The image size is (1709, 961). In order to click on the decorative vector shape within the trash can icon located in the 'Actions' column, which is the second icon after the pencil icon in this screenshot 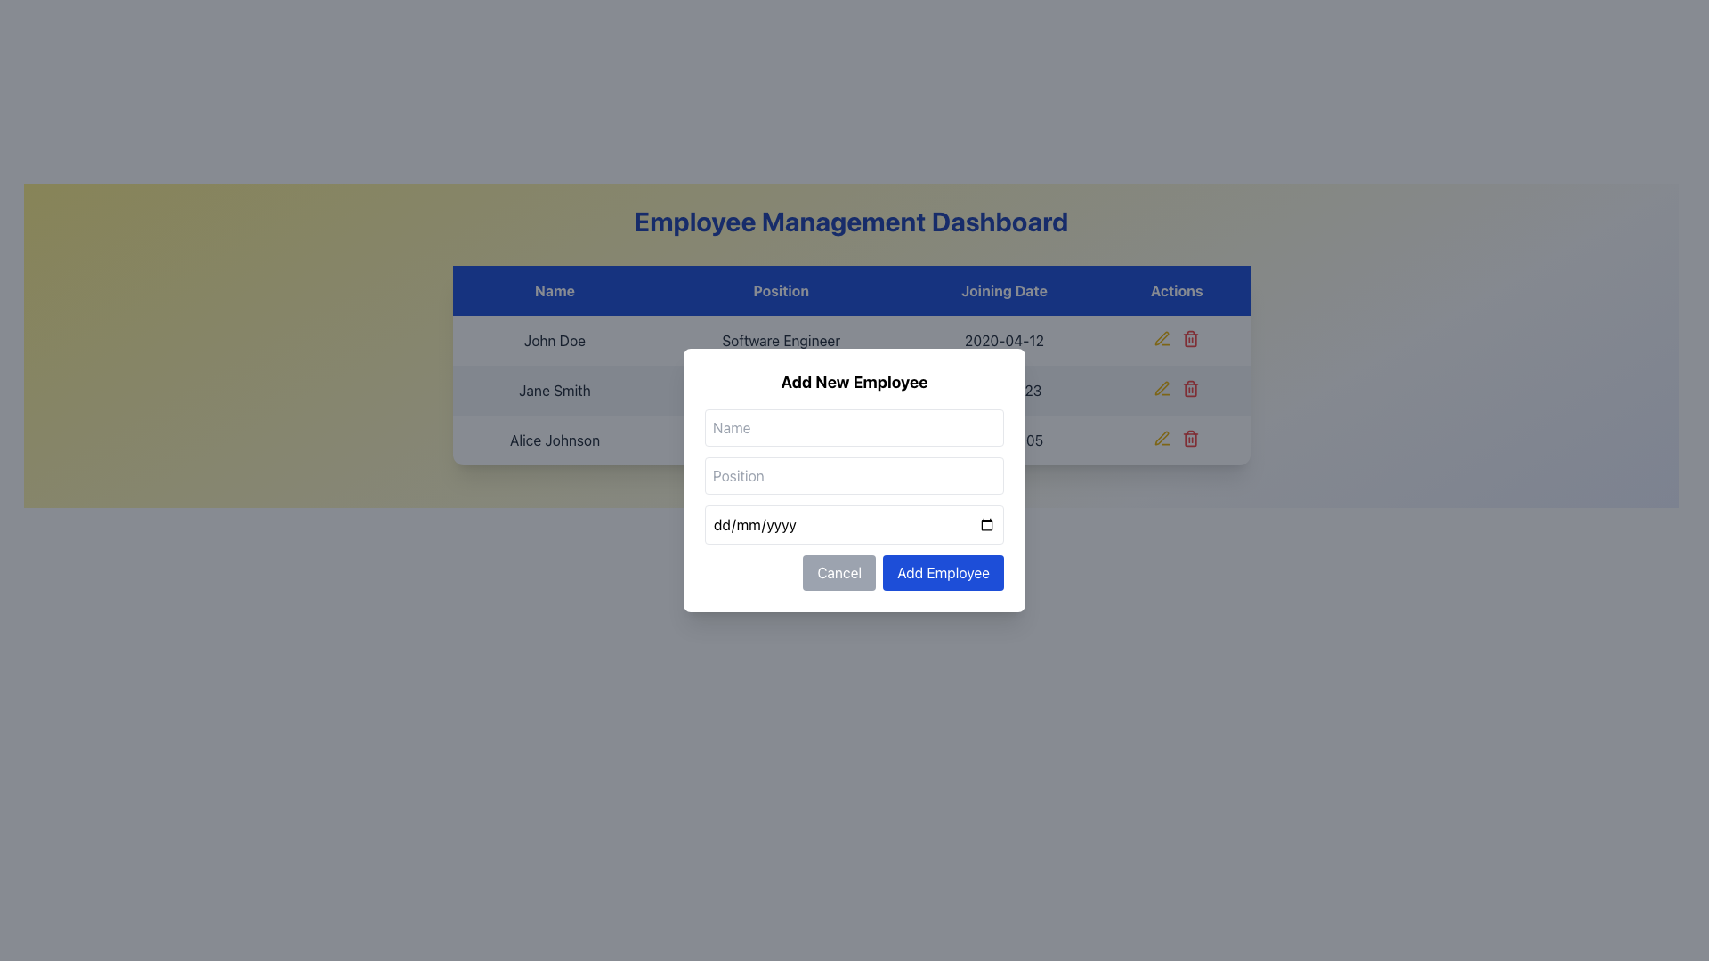, I will do `click(1191, 389)`.